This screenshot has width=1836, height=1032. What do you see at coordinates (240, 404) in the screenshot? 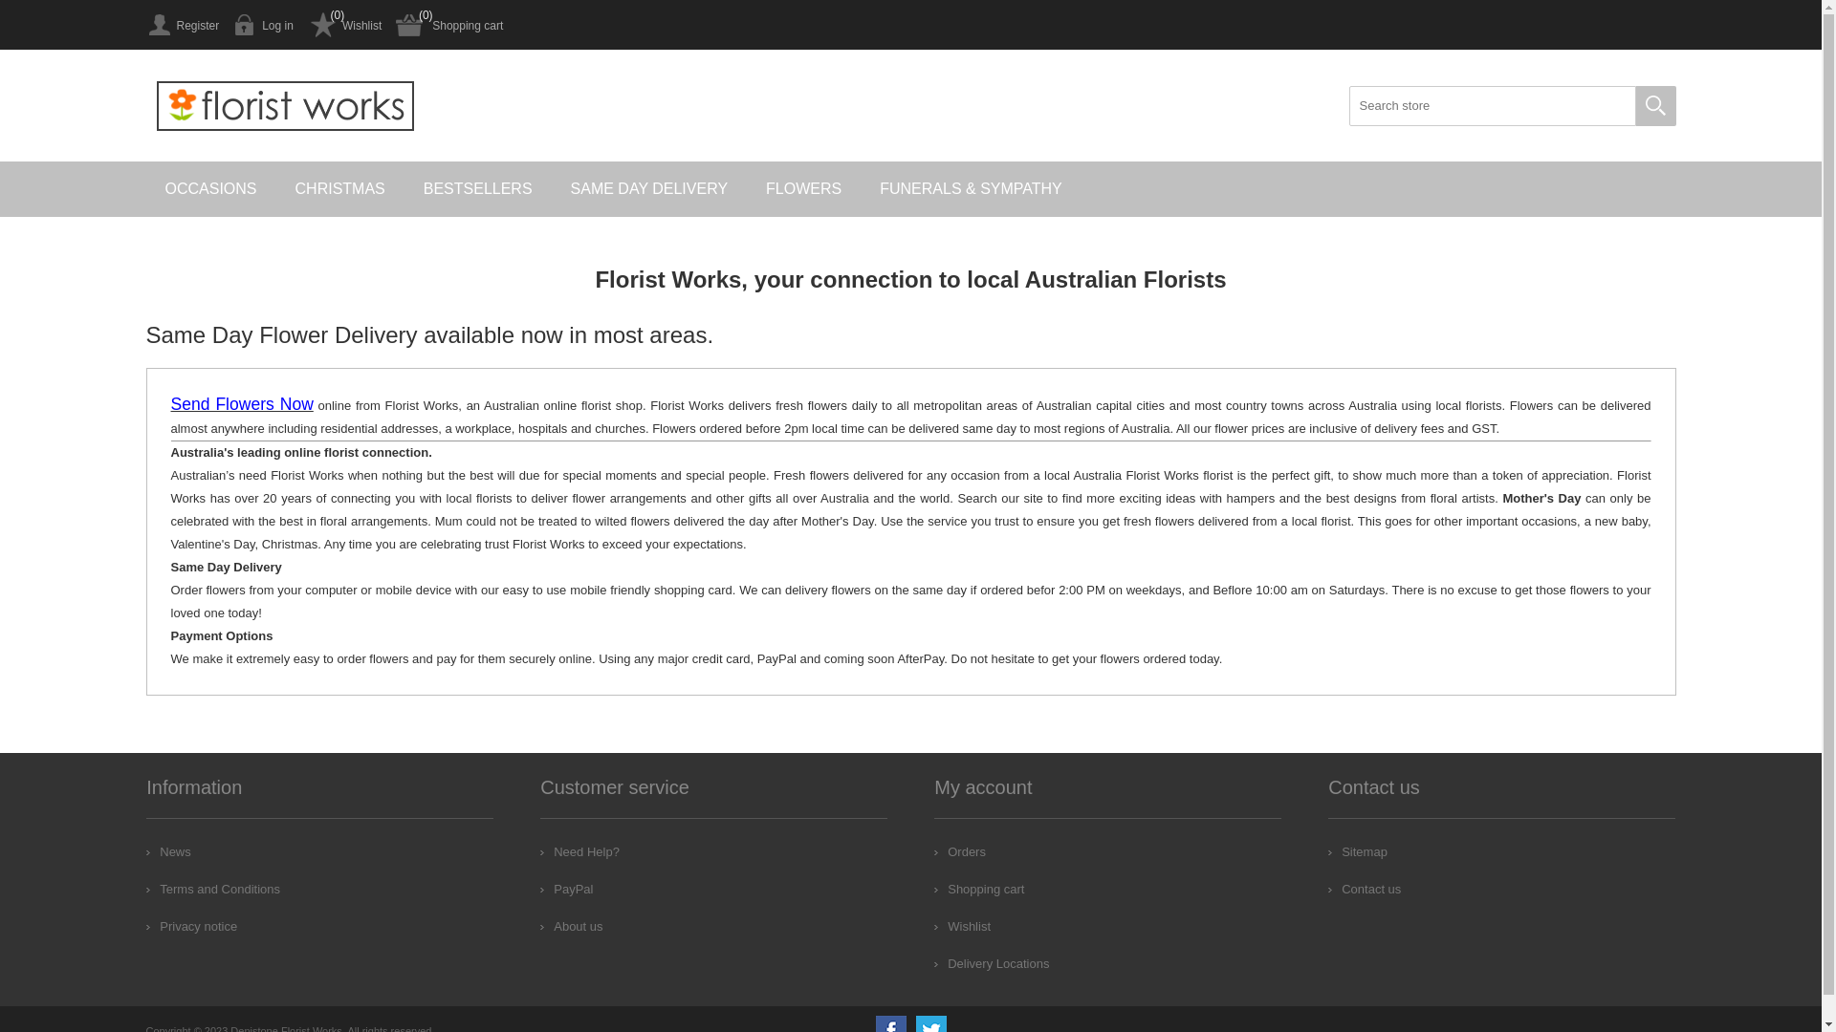
I see `'Send Flowers Now'` at bounding box center [240, 404].